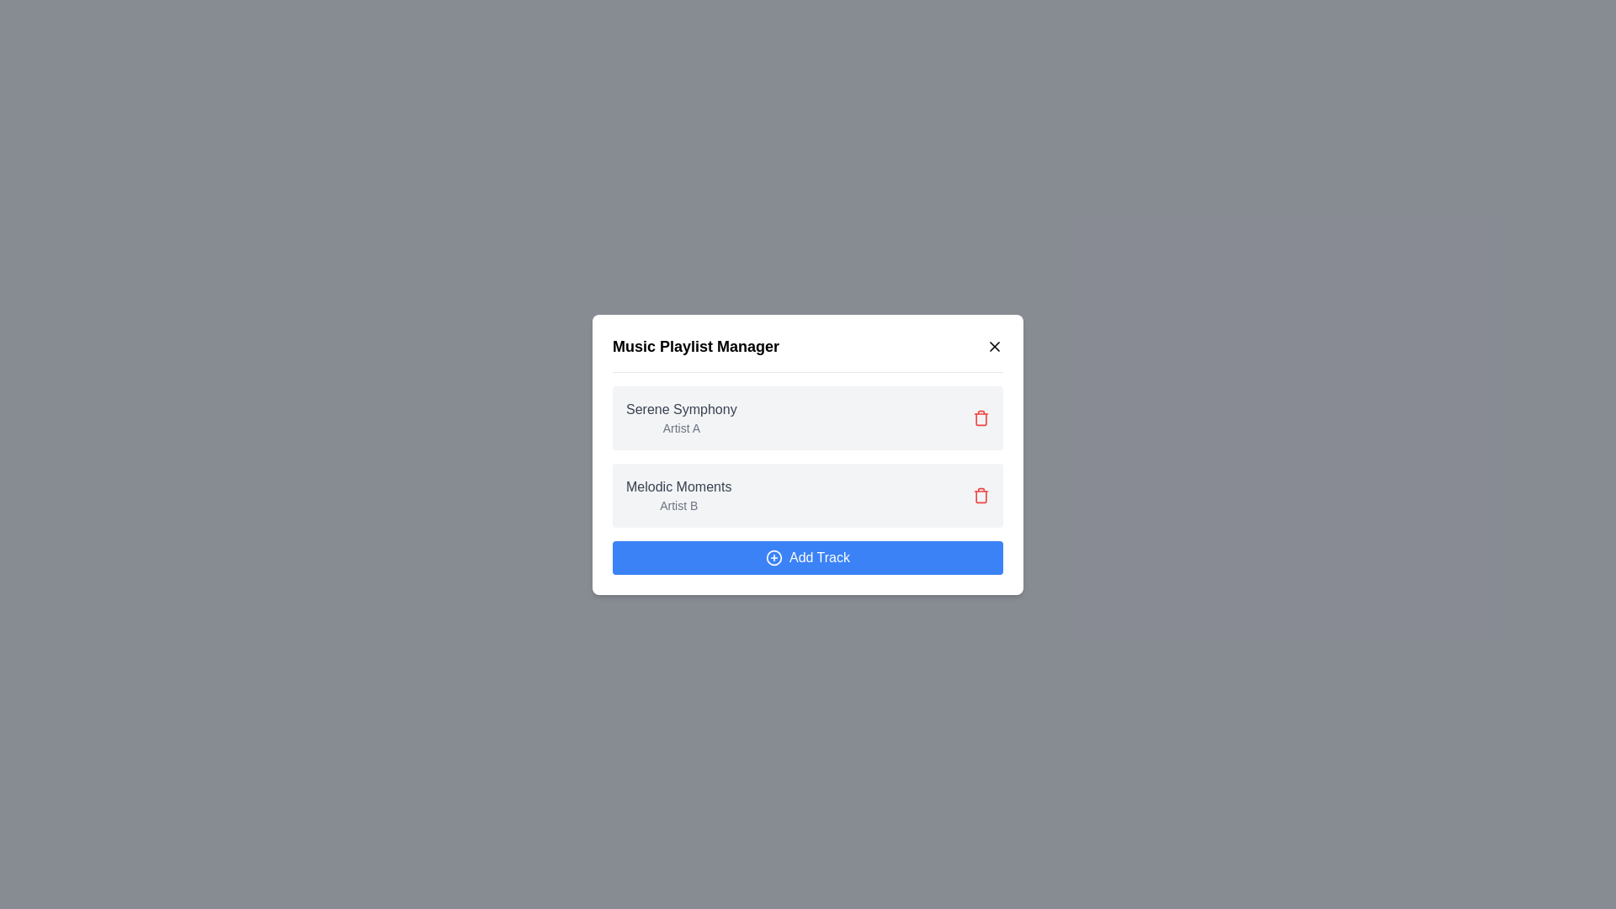 The width and height of the screenshot is (1616, 909). I want to click on the static text element providing information about the artist associated with 'Serene Symphony', located beneath the title within the 'Music Playlist Manager' modal, so click(681, 427).